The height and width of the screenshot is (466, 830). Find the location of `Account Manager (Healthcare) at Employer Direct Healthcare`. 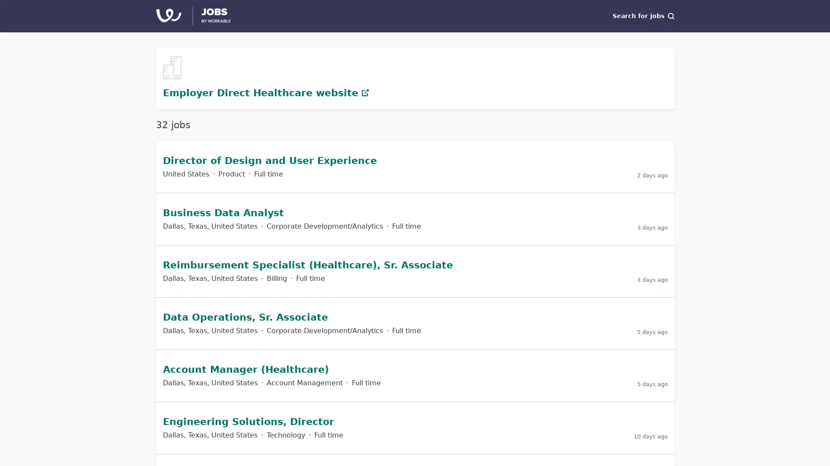

Account Manager (Healthcare) at Employer Direct Healthcare is located at coordinates (415, 375).